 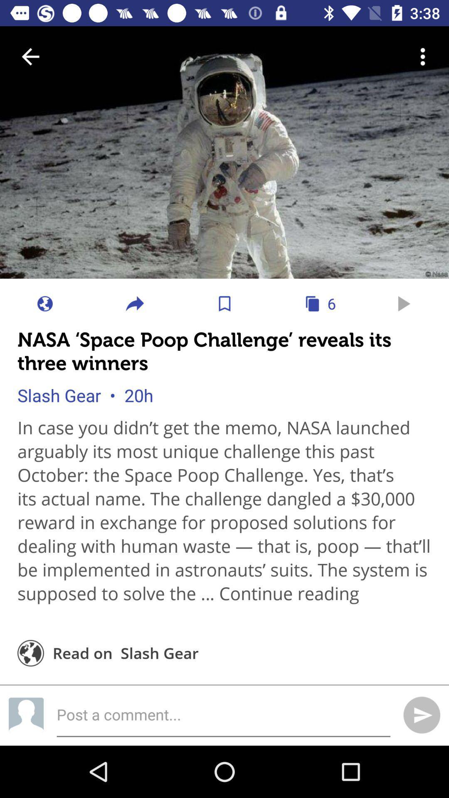 What do you see at coordinates (422, 714) in the screenshot?
I see `the send icon` at bounding box center [422, 714].